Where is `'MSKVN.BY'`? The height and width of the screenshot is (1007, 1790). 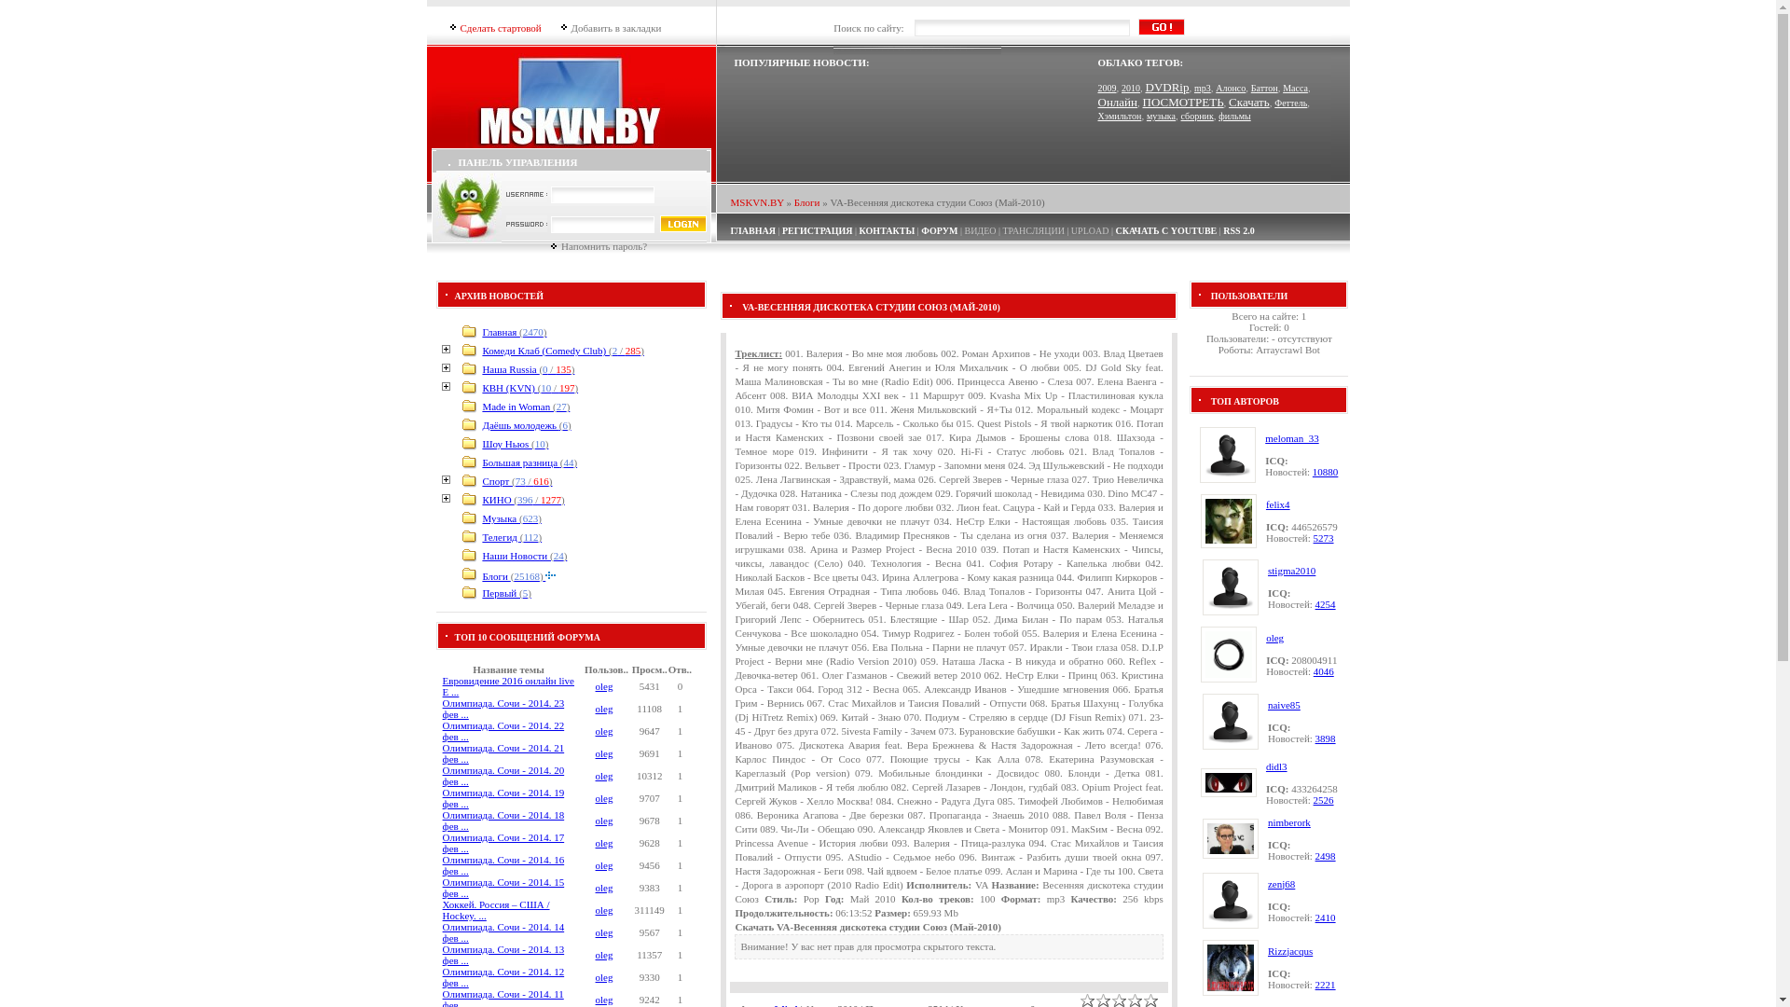
'MSKVN.BY' is located at coordinates (757, 201).